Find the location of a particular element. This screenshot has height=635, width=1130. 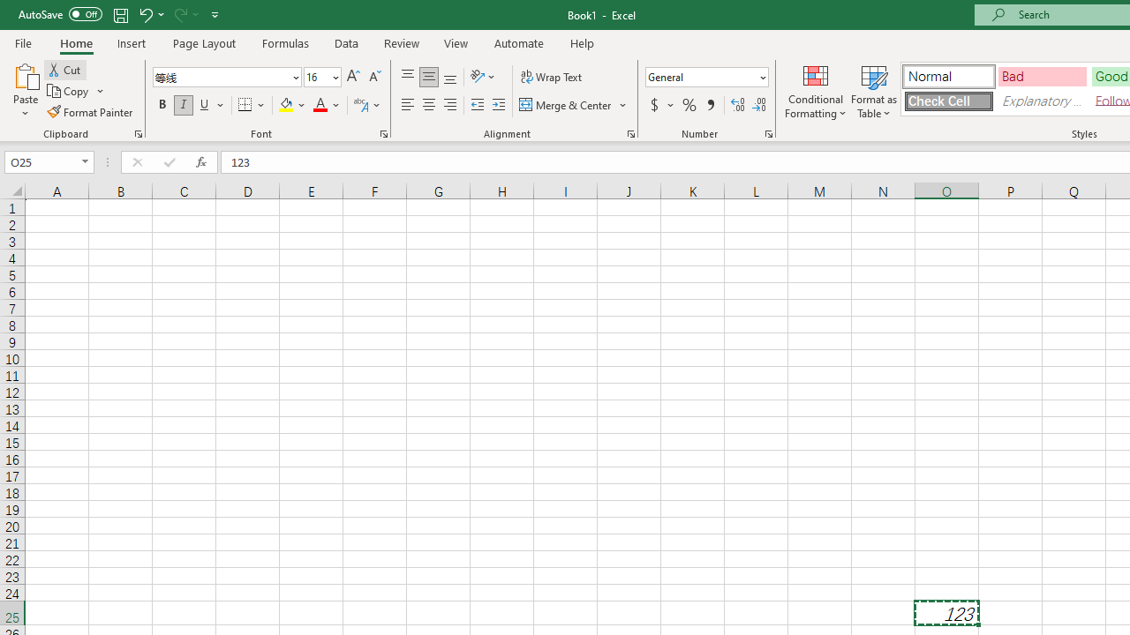

'Format Cell Font' is located at coordinates (383, 132).